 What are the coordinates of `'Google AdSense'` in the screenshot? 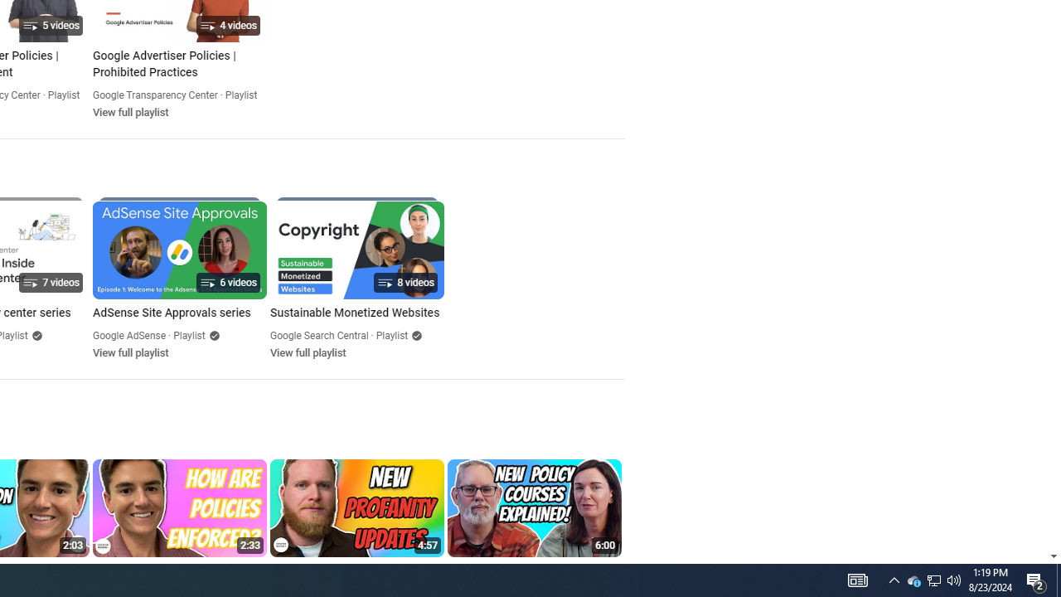 It's located at (128, 336).